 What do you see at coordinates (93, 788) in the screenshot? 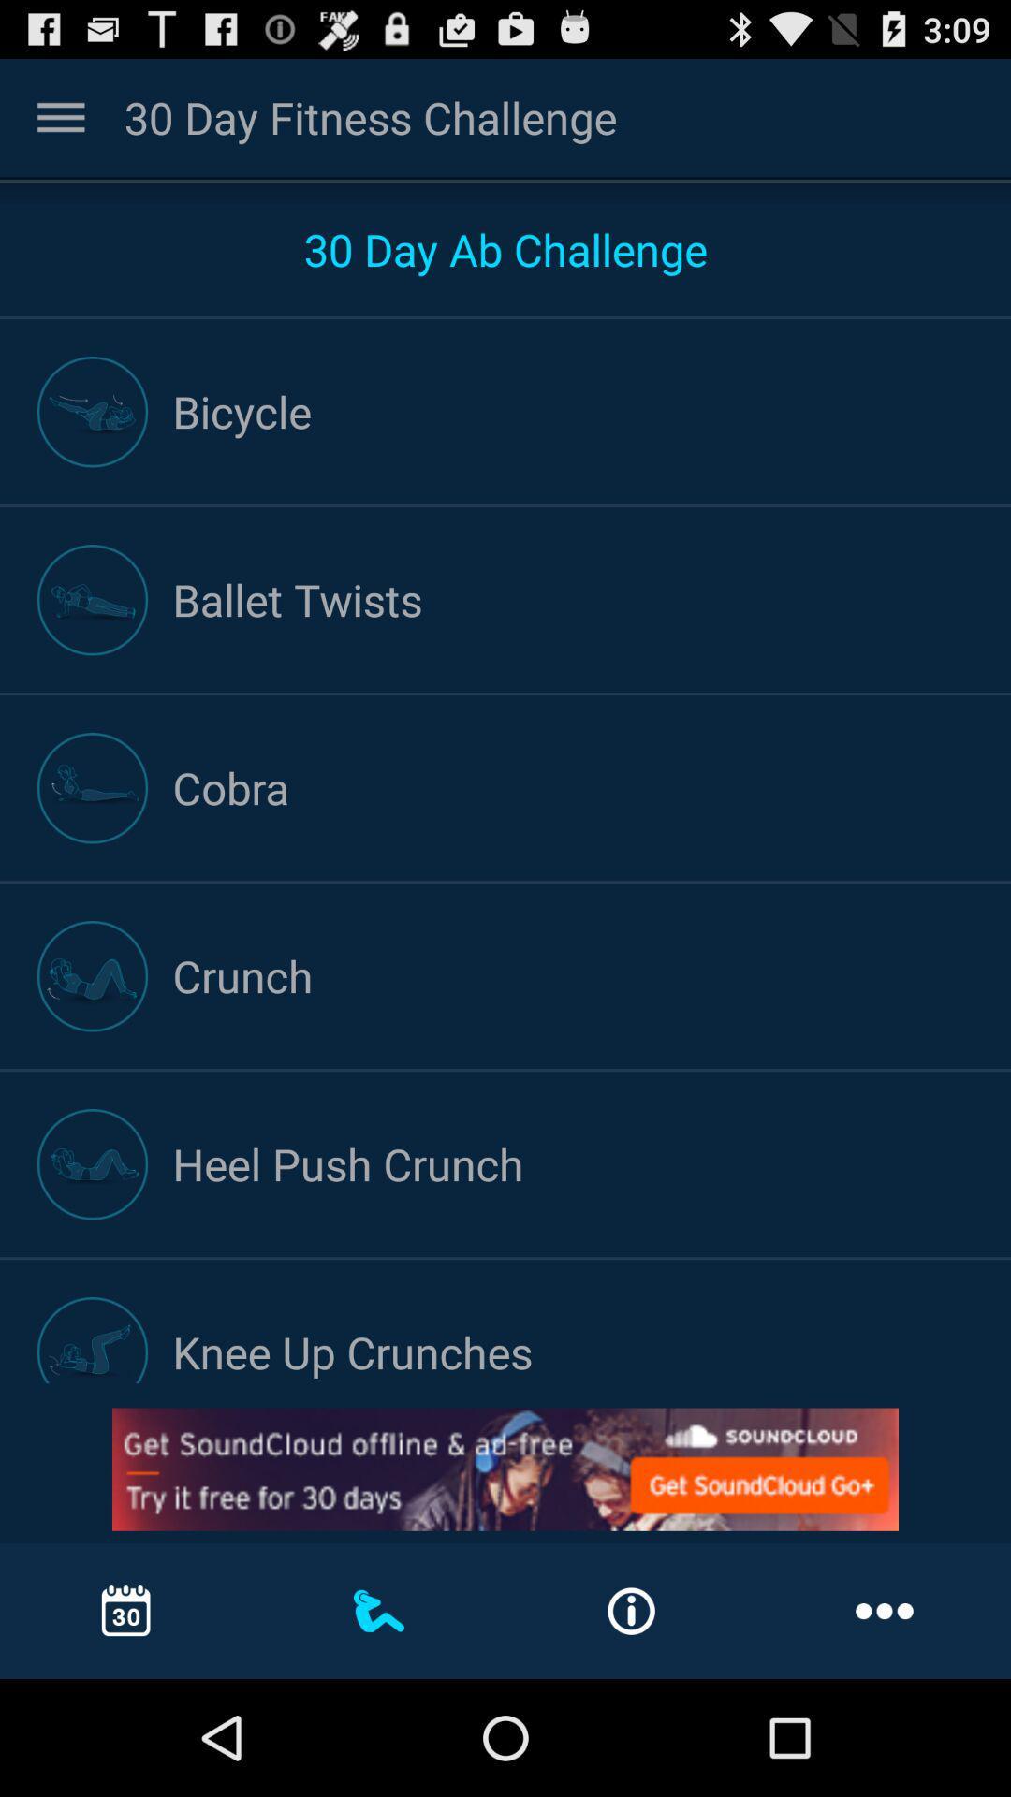
I see `the symbol which is on left hand side of the text cobra` at bounding box center [93, 788].